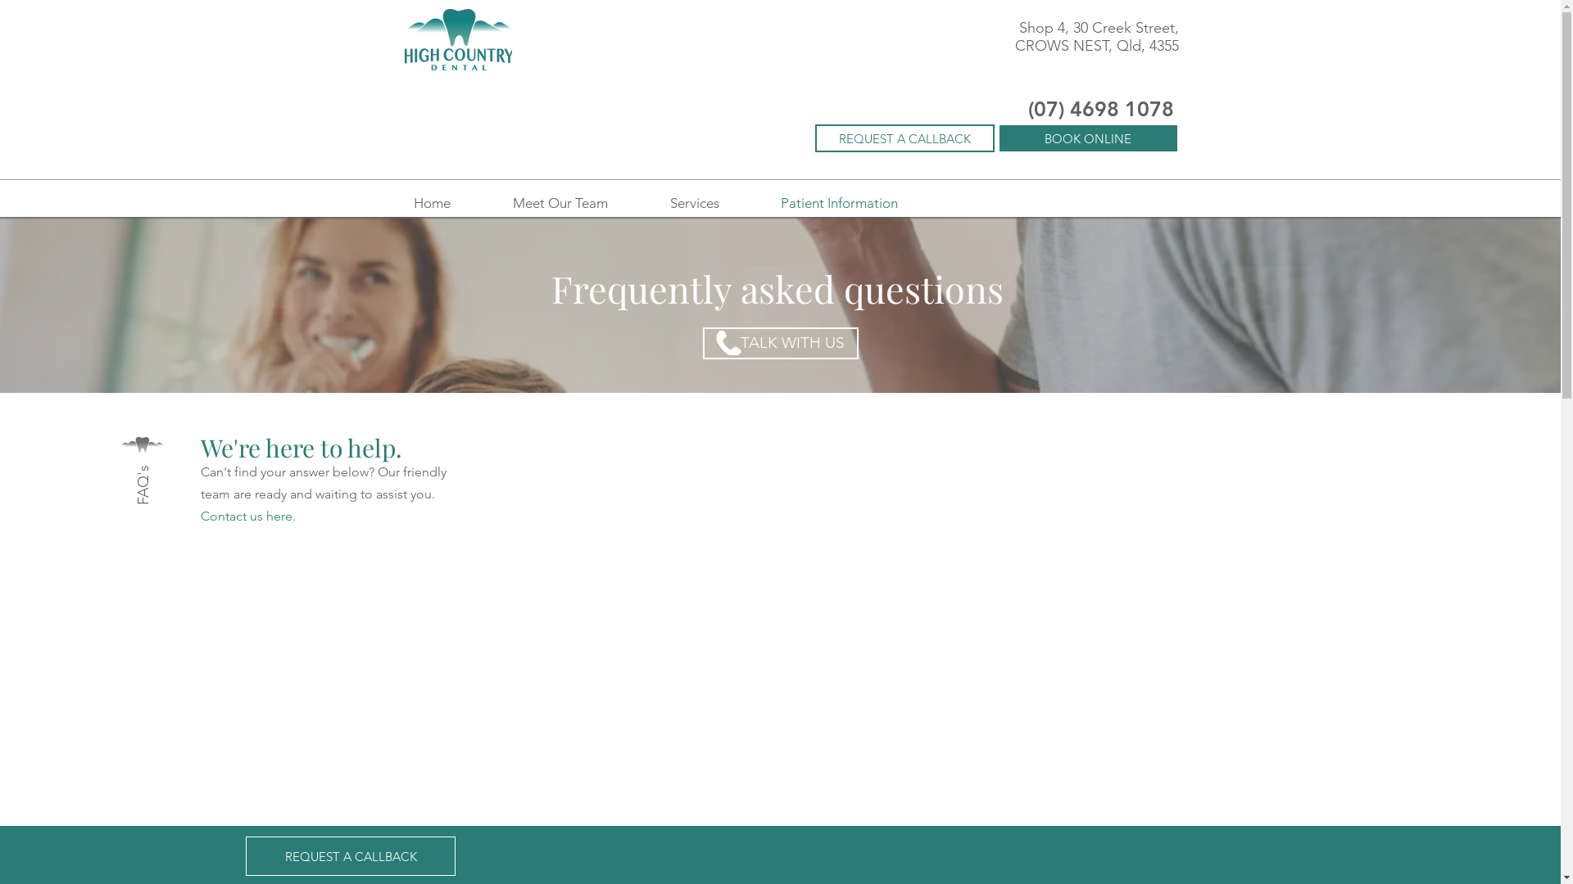 The image size is (1573, 884). I want to click on '(07) 4698 1078', so click(1100, 108).